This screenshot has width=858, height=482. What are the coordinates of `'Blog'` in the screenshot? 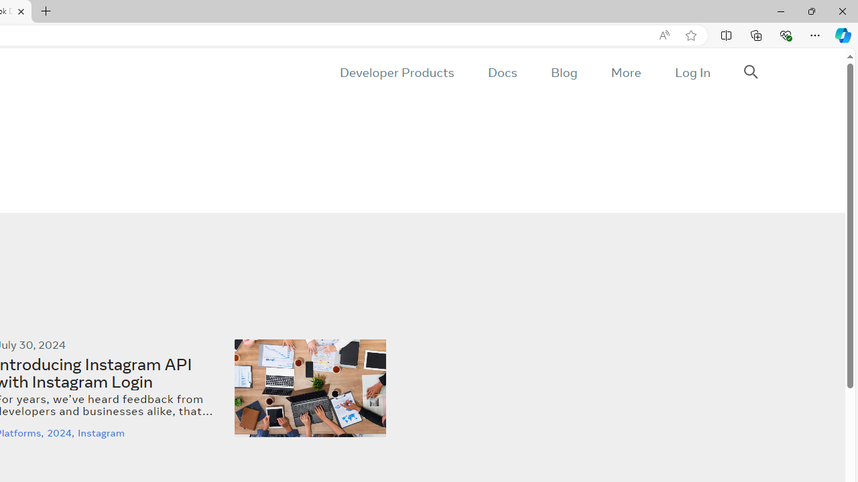 It's located at (564, 72).